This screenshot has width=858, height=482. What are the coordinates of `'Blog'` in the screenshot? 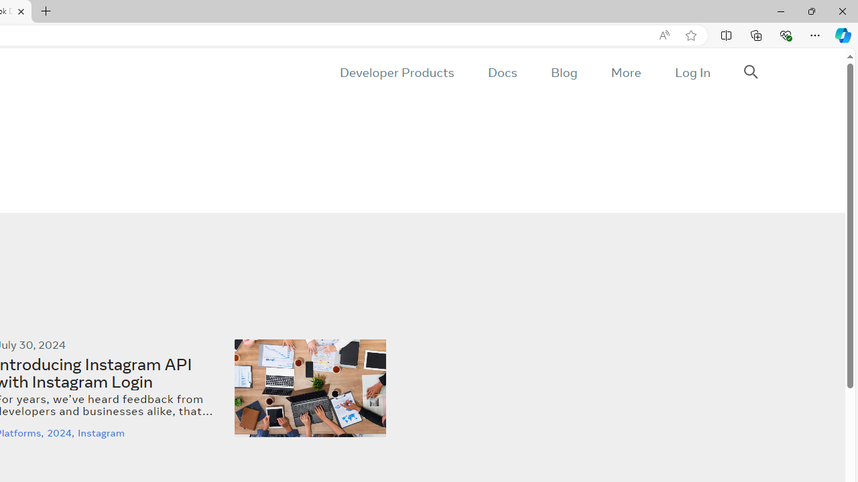 It's located at (564, 72).